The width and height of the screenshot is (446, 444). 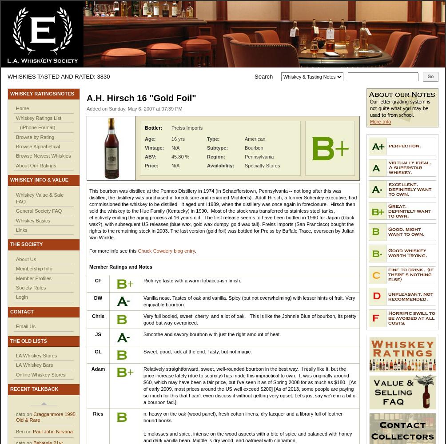 I want to click on '45.80 %', so click(x=180, y=156).